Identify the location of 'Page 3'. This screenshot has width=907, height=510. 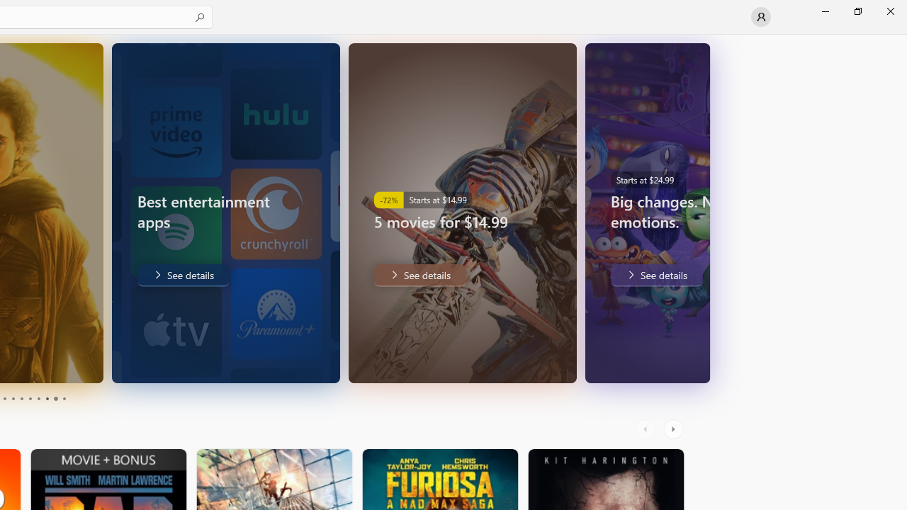
(4, 399).